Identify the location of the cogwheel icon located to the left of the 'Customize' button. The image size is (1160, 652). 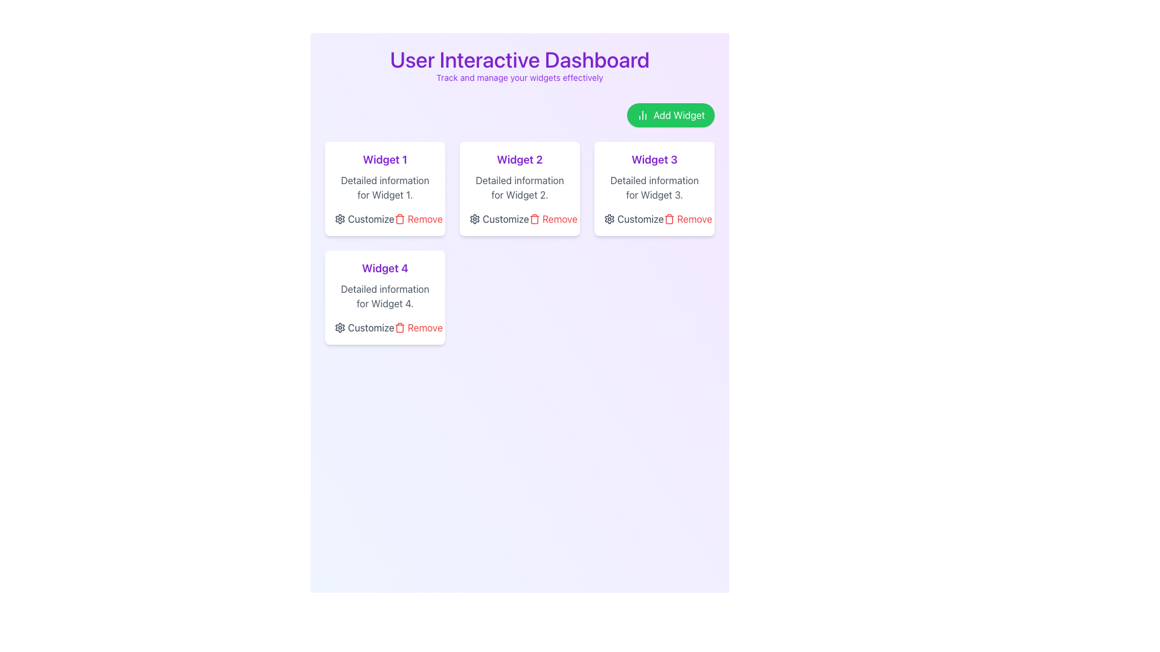
(339, 328).